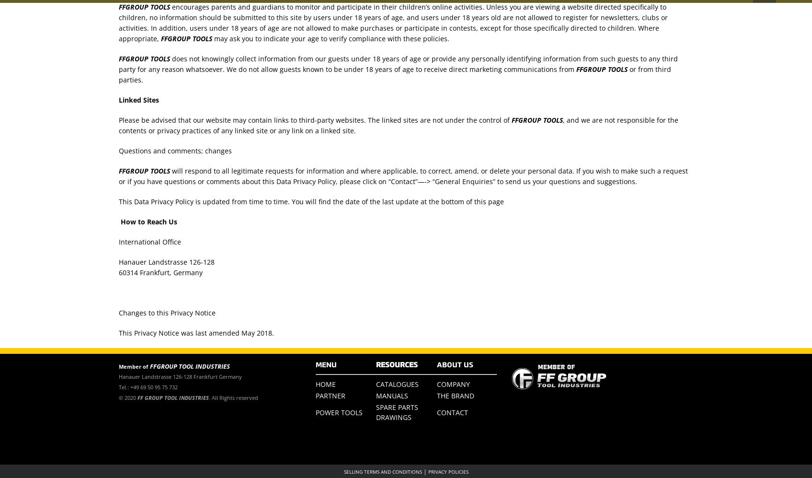 This screenshot has height=478, width=812. I want to click on 'or from third parties.', so click(394, 74).